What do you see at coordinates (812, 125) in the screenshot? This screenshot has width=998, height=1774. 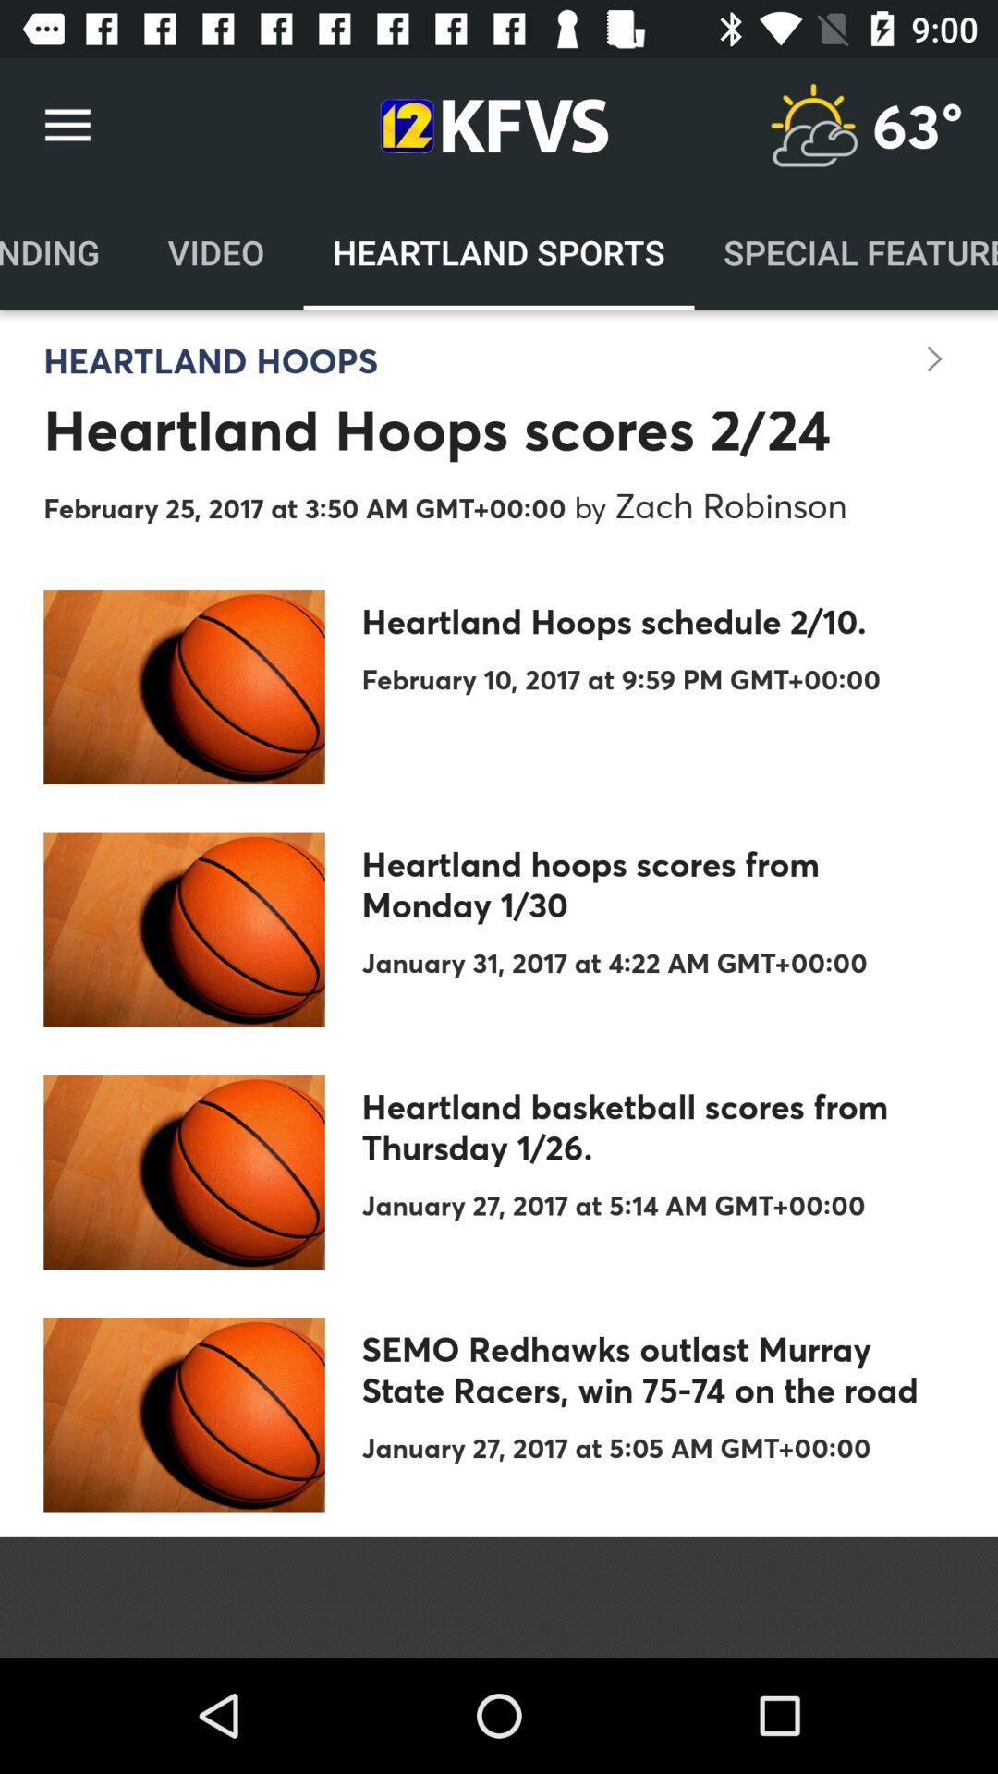 I see `temperature` at bounding box center [812, 125].